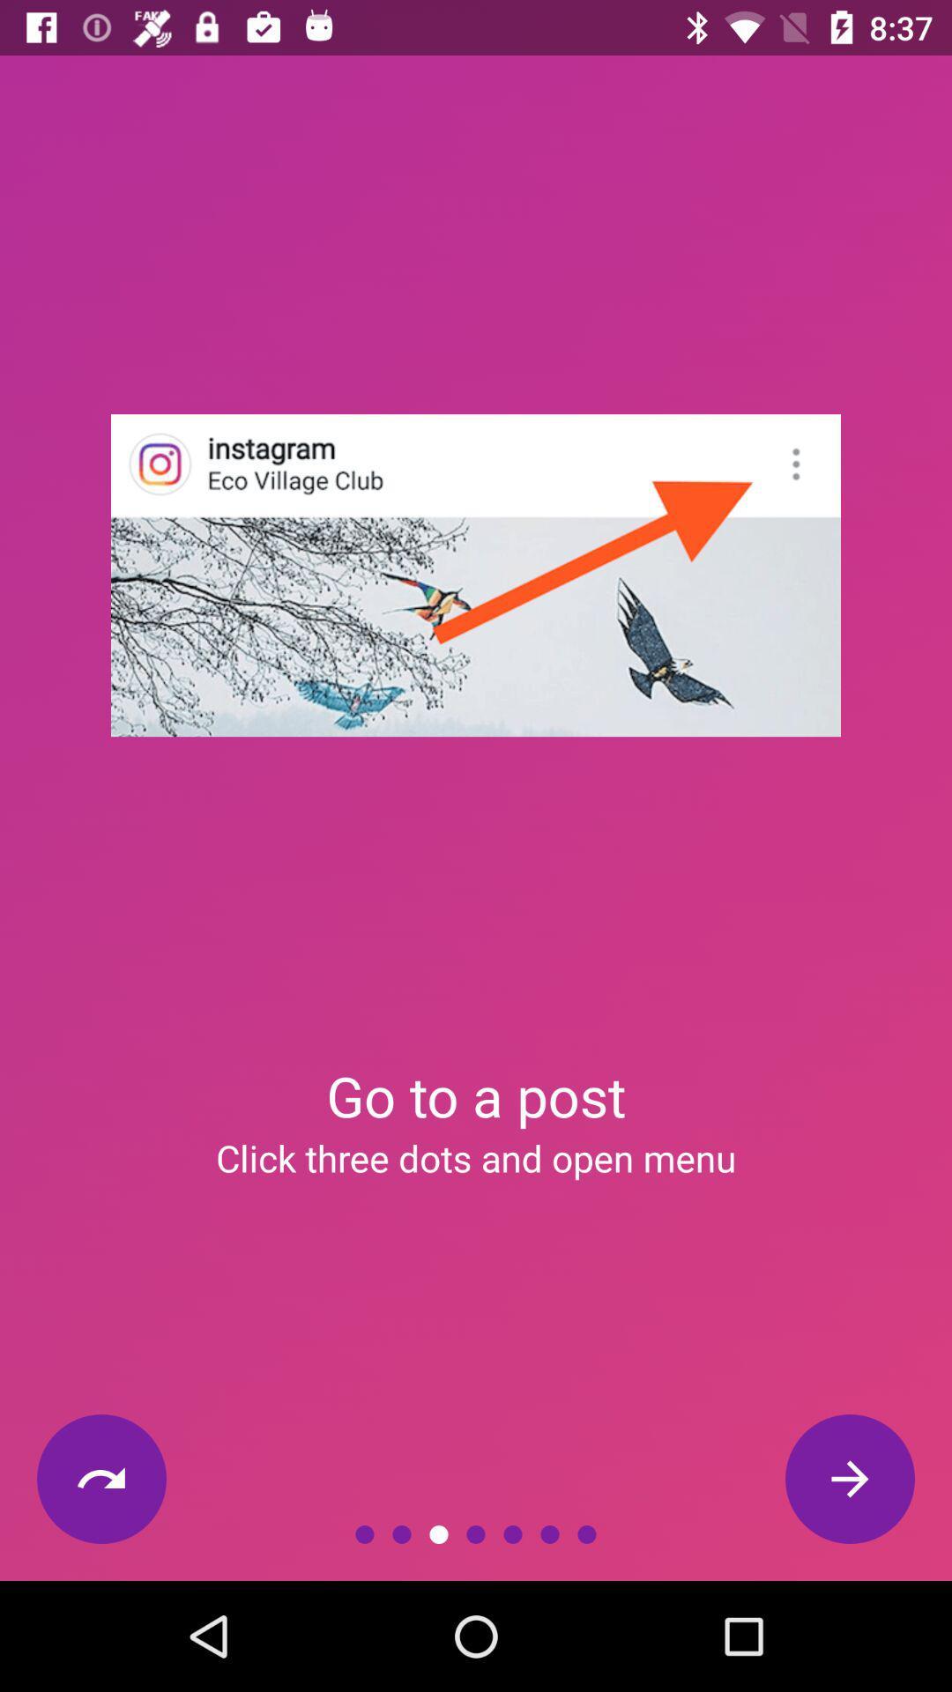 The width and height of the screenshot is (952, 1692). What do you see at coordinates (849, 1479) in the screenshot?
I see `the item below click three dots item` at bounding box center [849, 1479].